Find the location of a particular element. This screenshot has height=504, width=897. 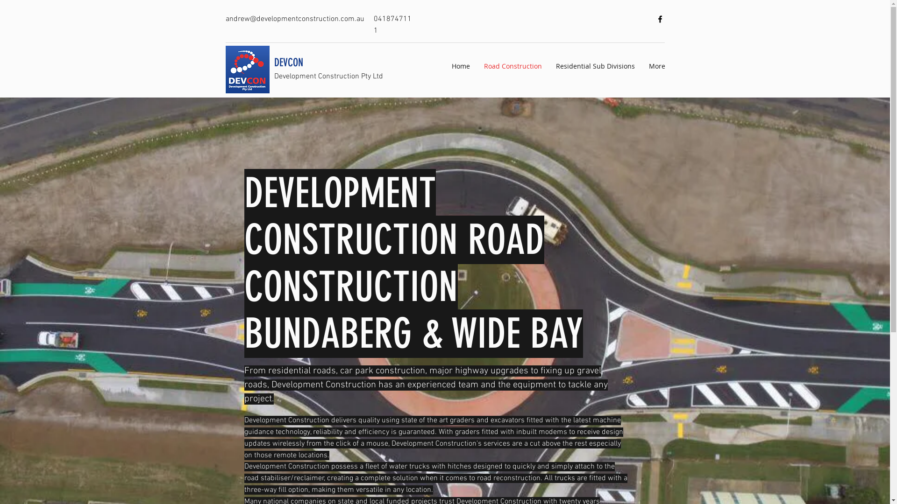

'Residential Sub Divisions' is located at coordinates (594, 66).